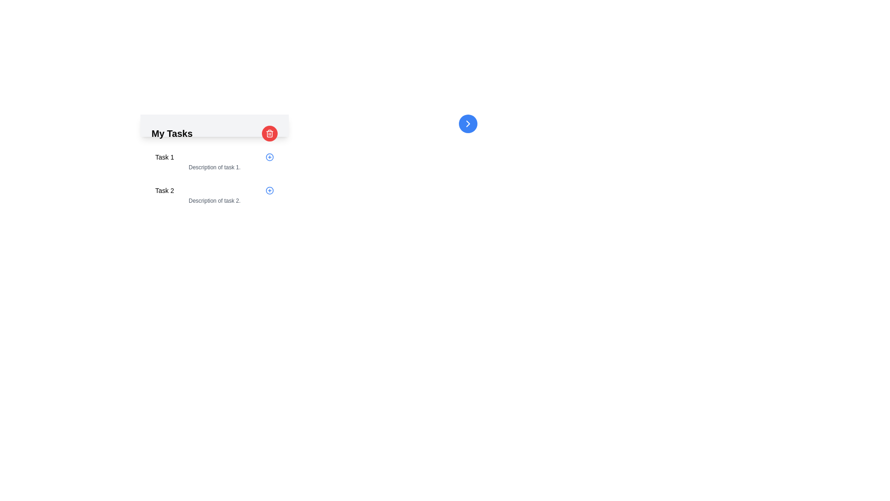 The height and width of the screenshot is (501, 890). What do you see at coordinates (269, 134) in the screenshot?
I see `the delete button with a circular red background located` at bounding box center [269, 134].